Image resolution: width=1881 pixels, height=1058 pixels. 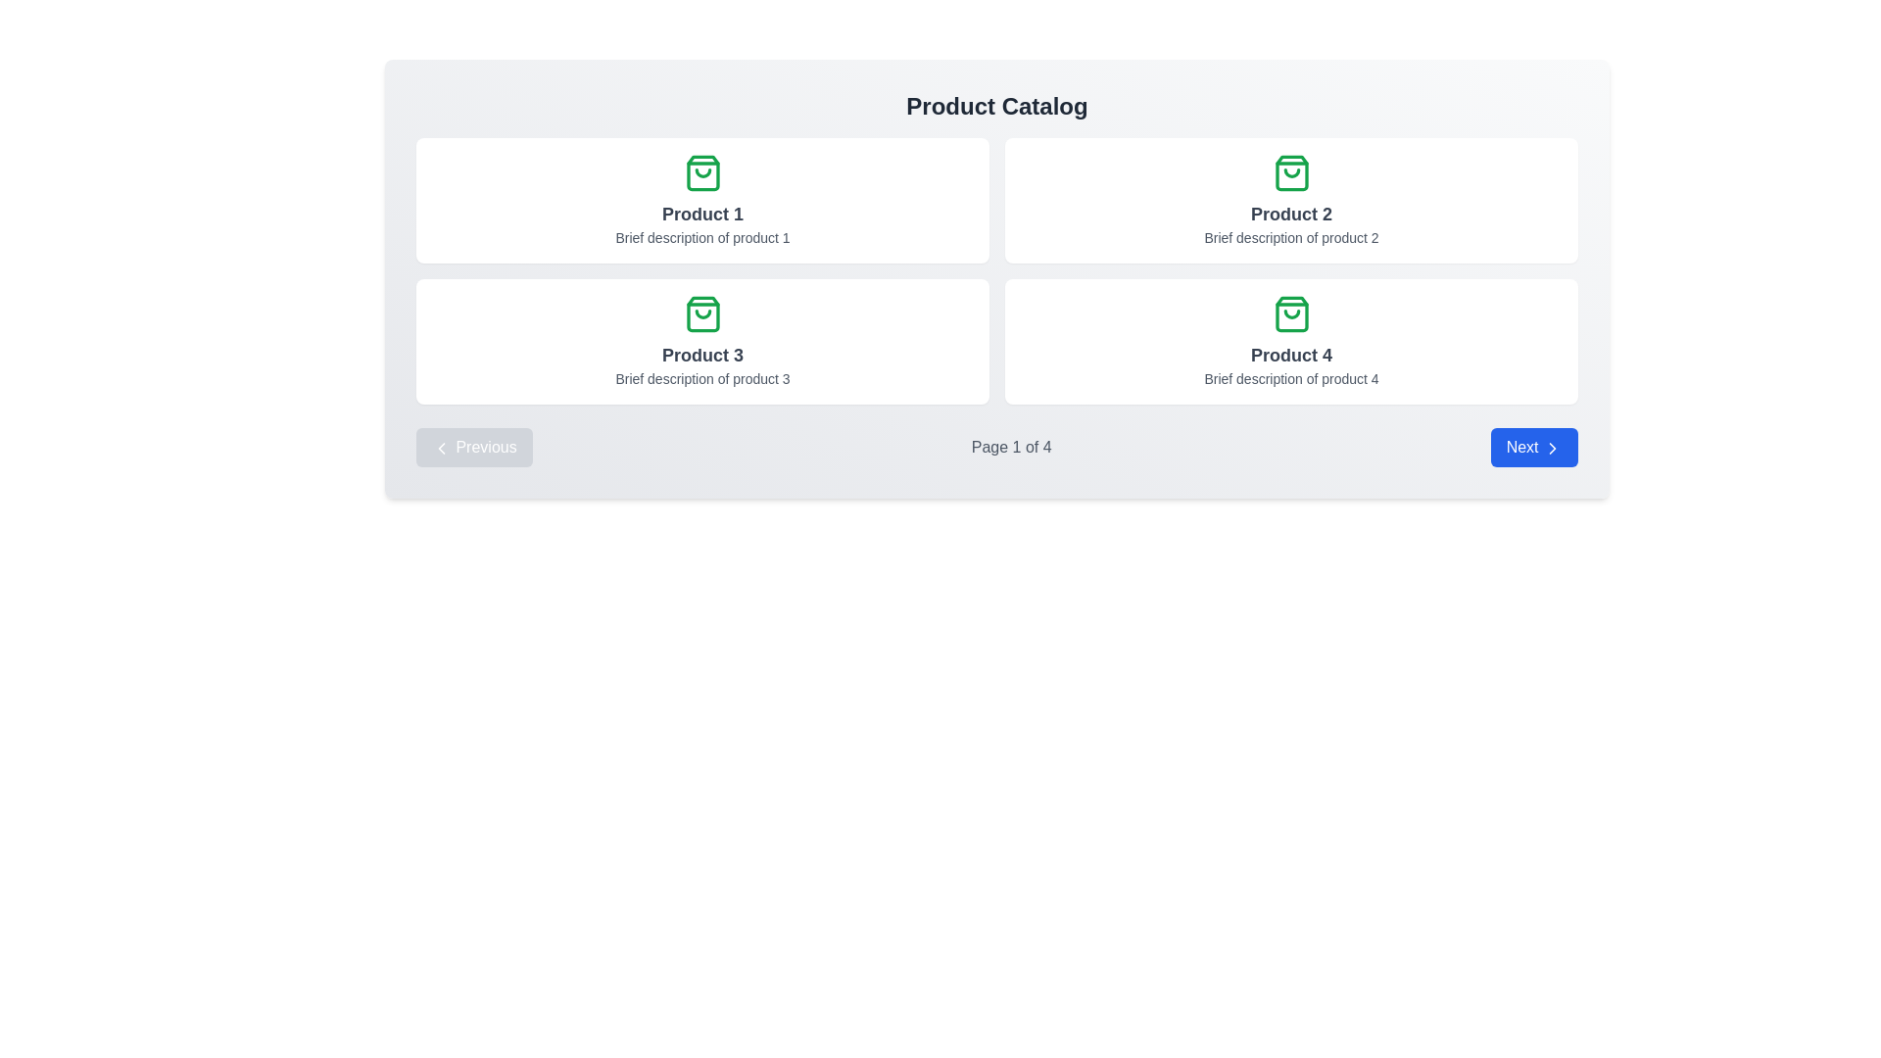 What do you see at coordinates (702, 200) in the screenshot?
I see `the Product card which features a white background, rounded corners, a shadow effect, a green shopping bag icon at the top, bold black text 'Product 1', and smaller gray text 'Brief description of product 1'` at bounding box center [702, 200].